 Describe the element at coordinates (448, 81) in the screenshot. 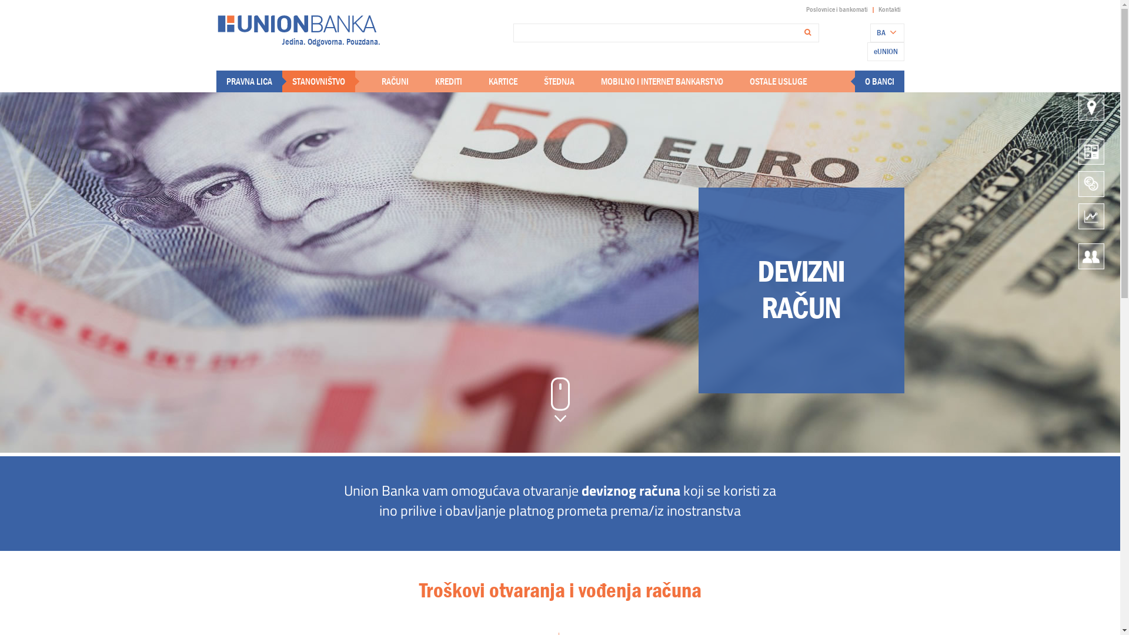

I see `'KREDITI'` at that location.